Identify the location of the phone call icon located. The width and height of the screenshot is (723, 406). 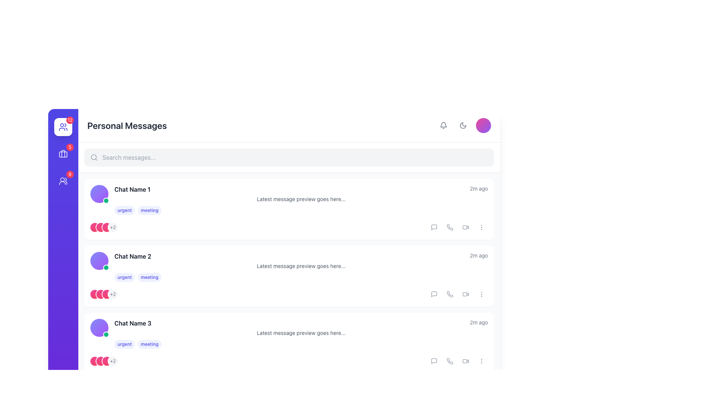
(450, 227).